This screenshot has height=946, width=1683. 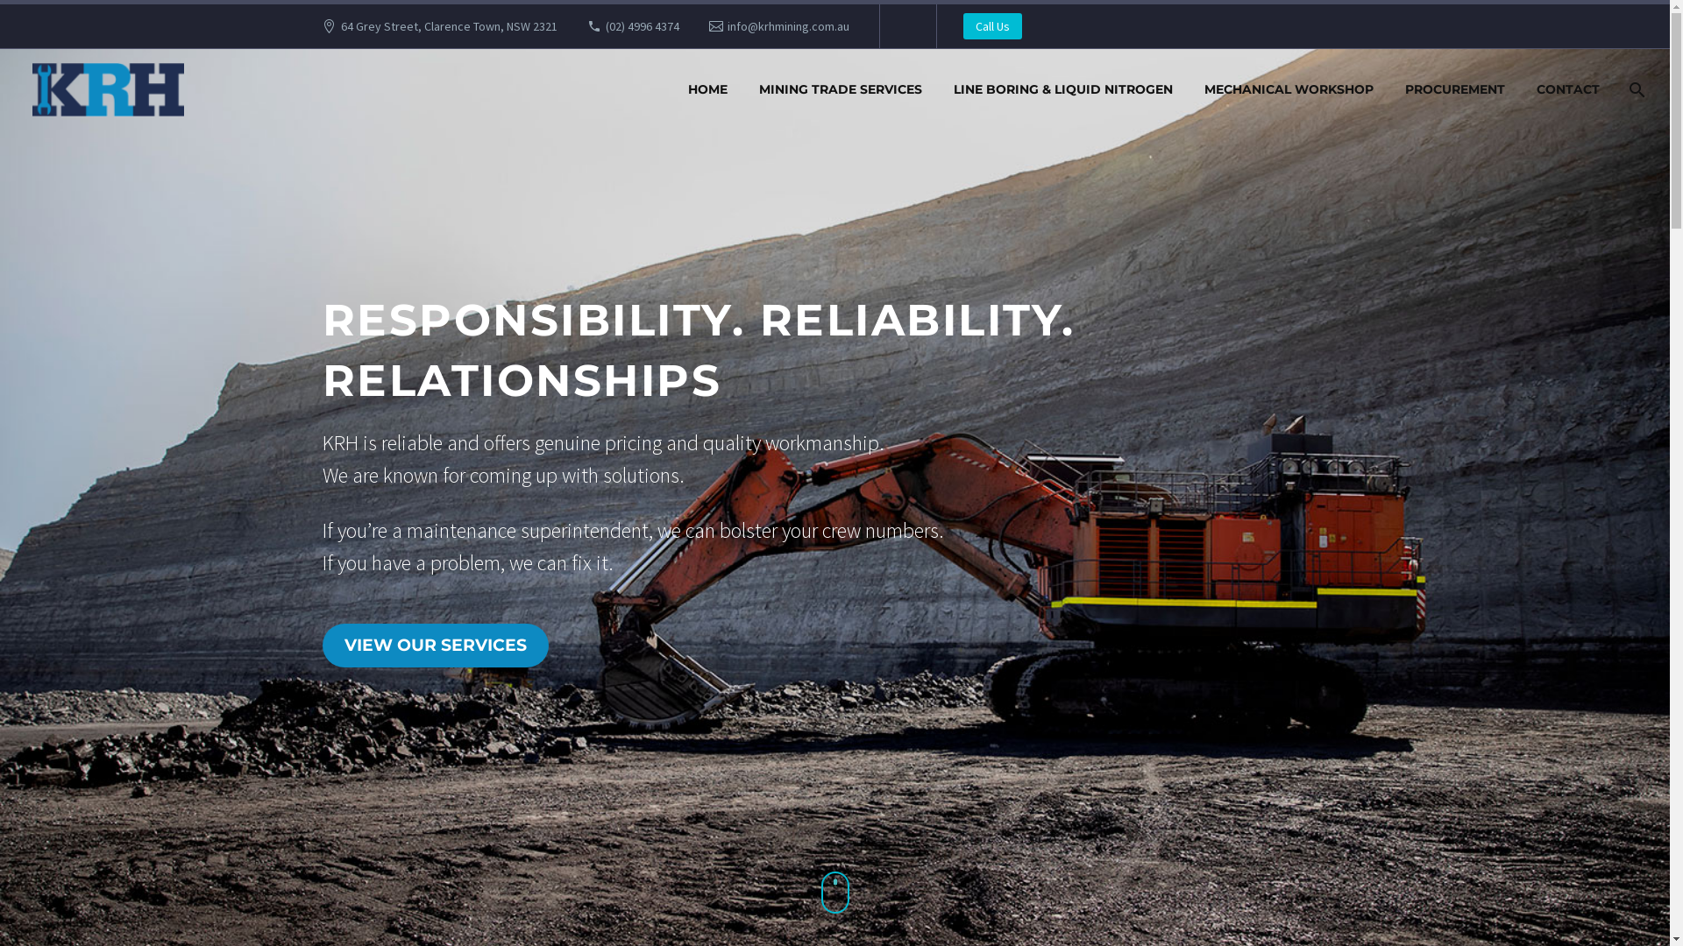 I want to click on 'HOME', so click(x=673, y=89).